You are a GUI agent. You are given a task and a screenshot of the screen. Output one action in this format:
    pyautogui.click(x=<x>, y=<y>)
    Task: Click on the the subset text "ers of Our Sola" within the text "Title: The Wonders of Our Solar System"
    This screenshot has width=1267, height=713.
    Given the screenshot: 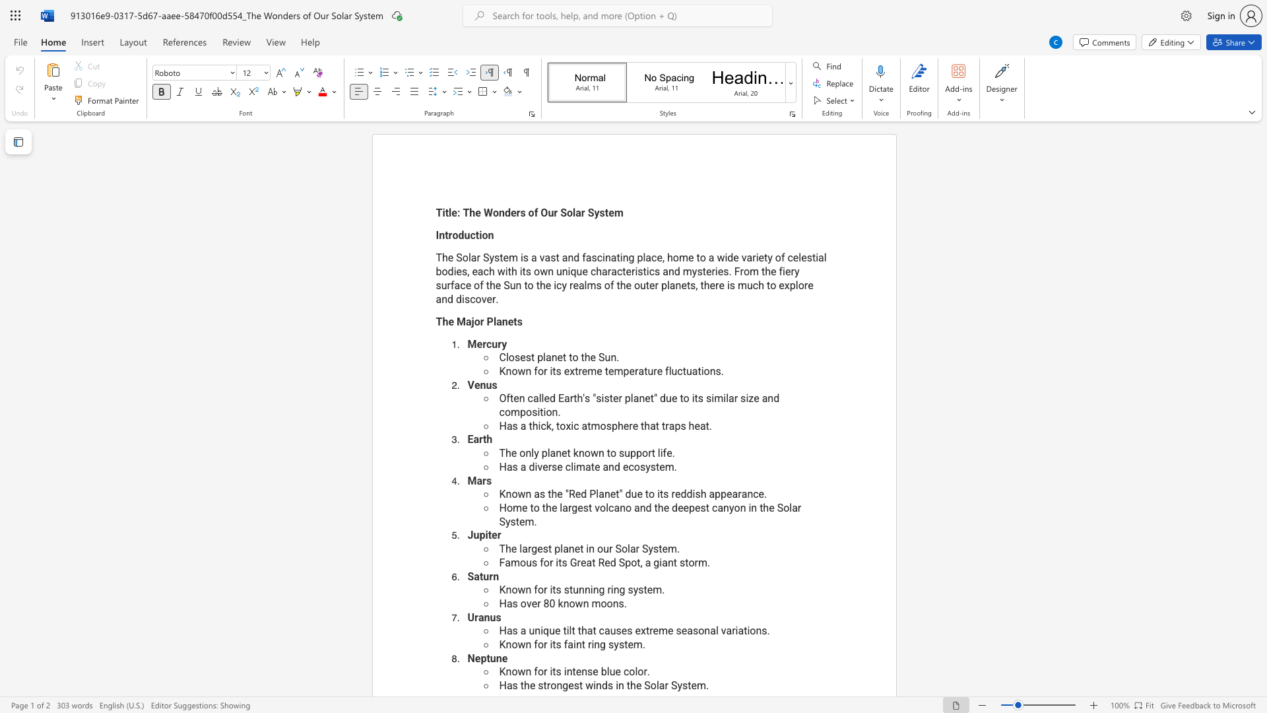 What is the action you would take?
    pyautogui.click(x=509, y=212)
    